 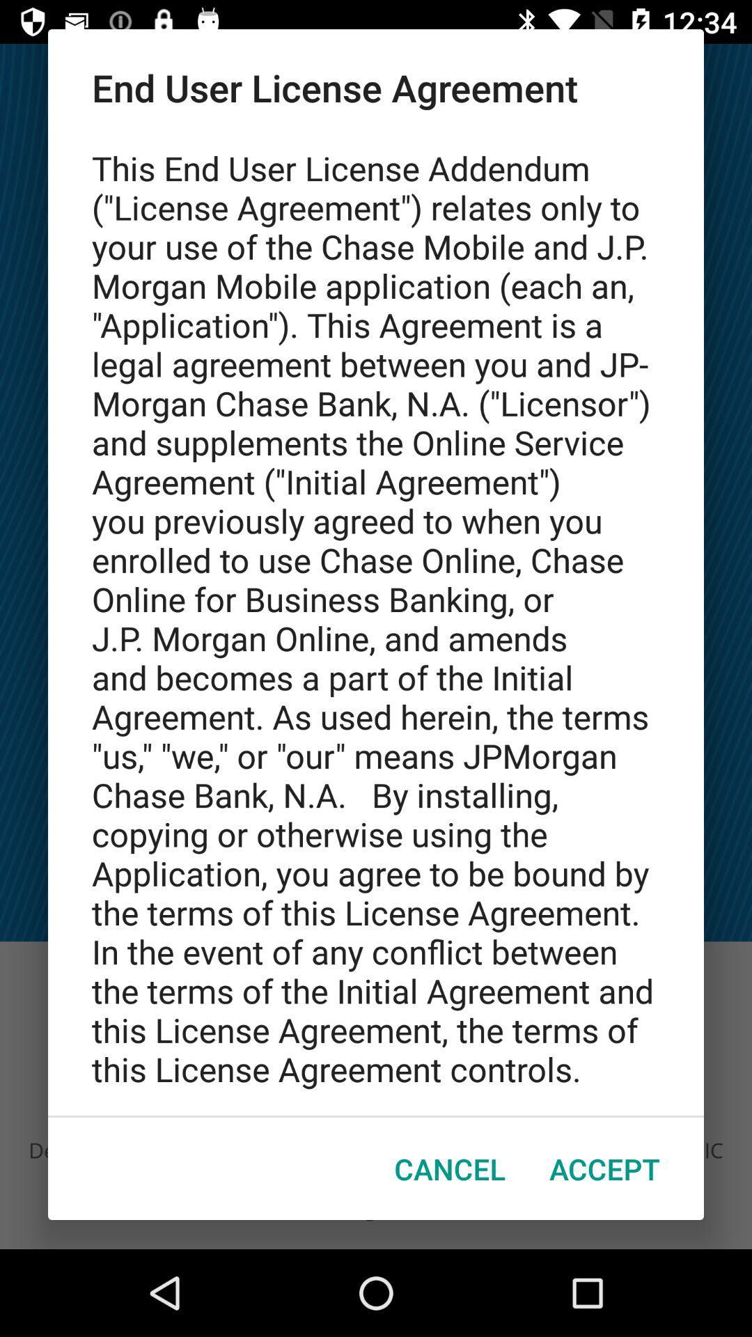 What do you see at coordinates (450, 1168) in the screenshot?
I see `the app below this end user` at bounding box center [450, 1168].